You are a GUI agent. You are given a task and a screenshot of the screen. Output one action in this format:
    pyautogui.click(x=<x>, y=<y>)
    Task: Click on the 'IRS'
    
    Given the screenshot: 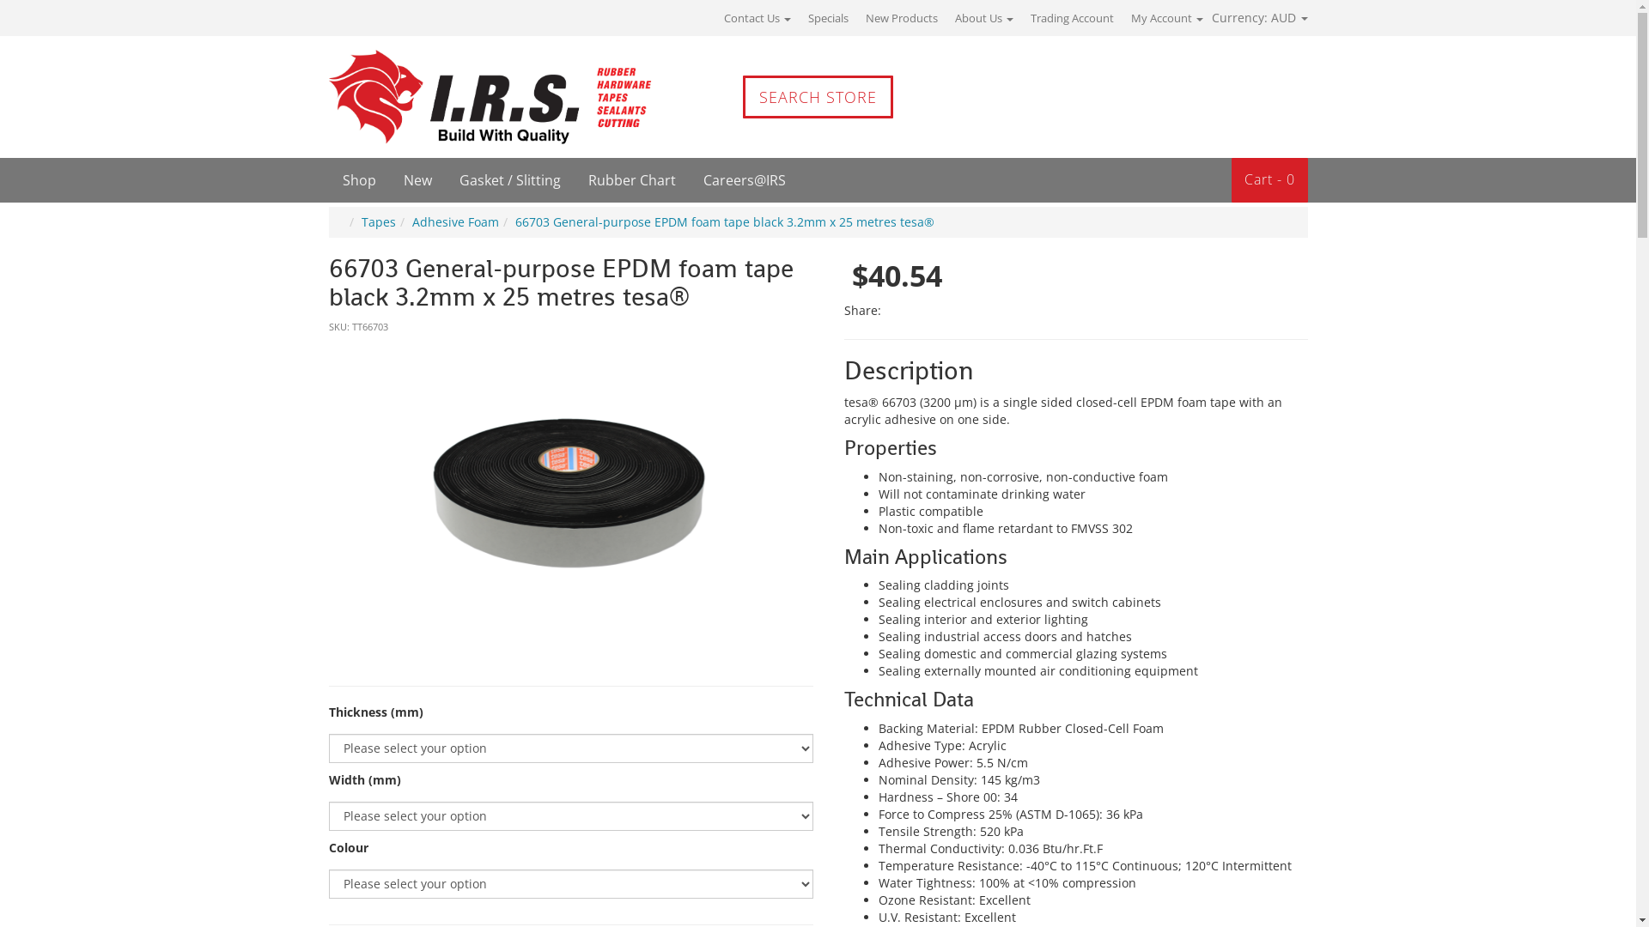 What is the action you would take?
    pyautogui.click(x=444, y=96)
    